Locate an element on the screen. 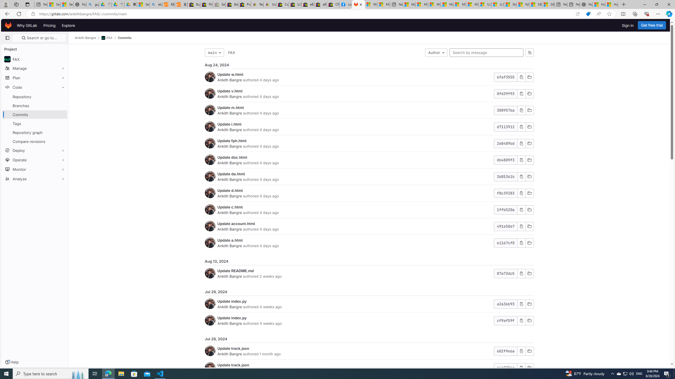 This screenshot has width=675, height=379. 'Compare revisions' is located at coordinates (34, 141).